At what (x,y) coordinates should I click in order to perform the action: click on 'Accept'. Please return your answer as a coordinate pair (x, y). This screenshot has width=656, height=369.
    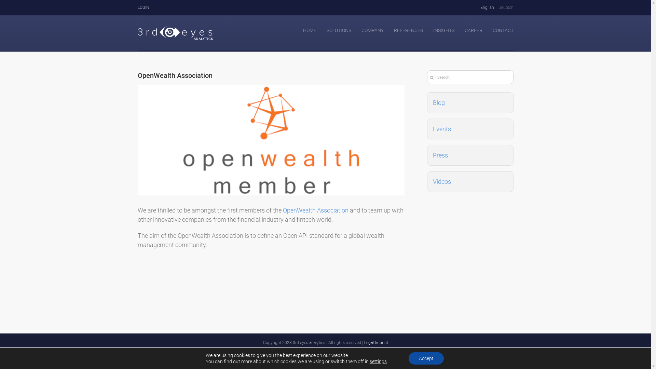
    Looking at the image, I should click on (426, 358).